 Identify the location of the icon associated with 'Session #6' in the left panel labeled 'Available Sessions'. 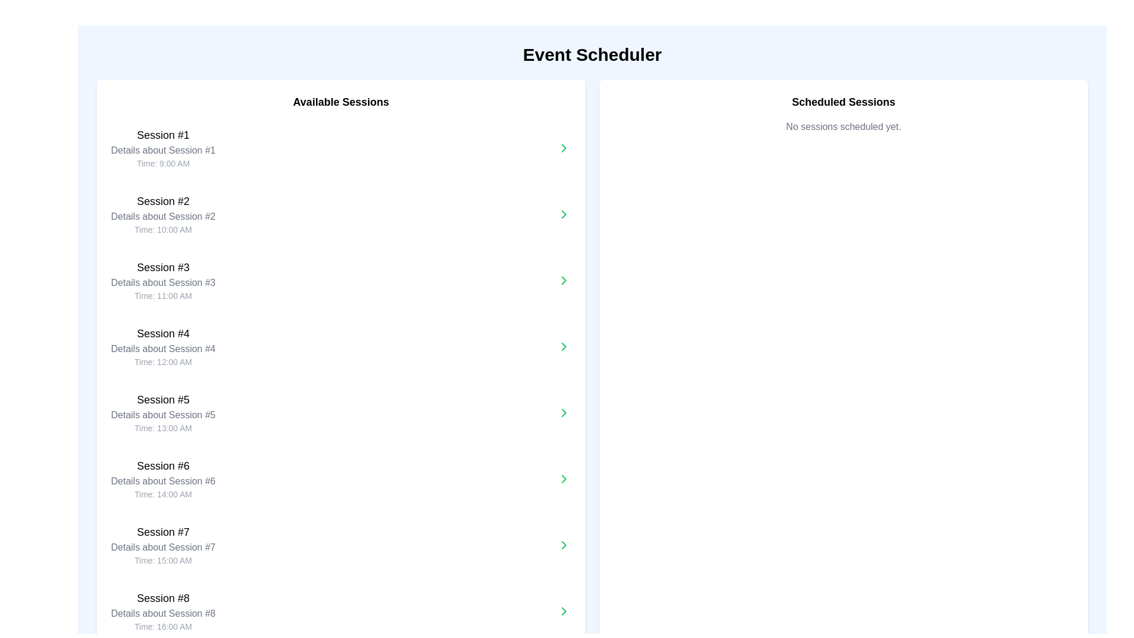
(563, 479).